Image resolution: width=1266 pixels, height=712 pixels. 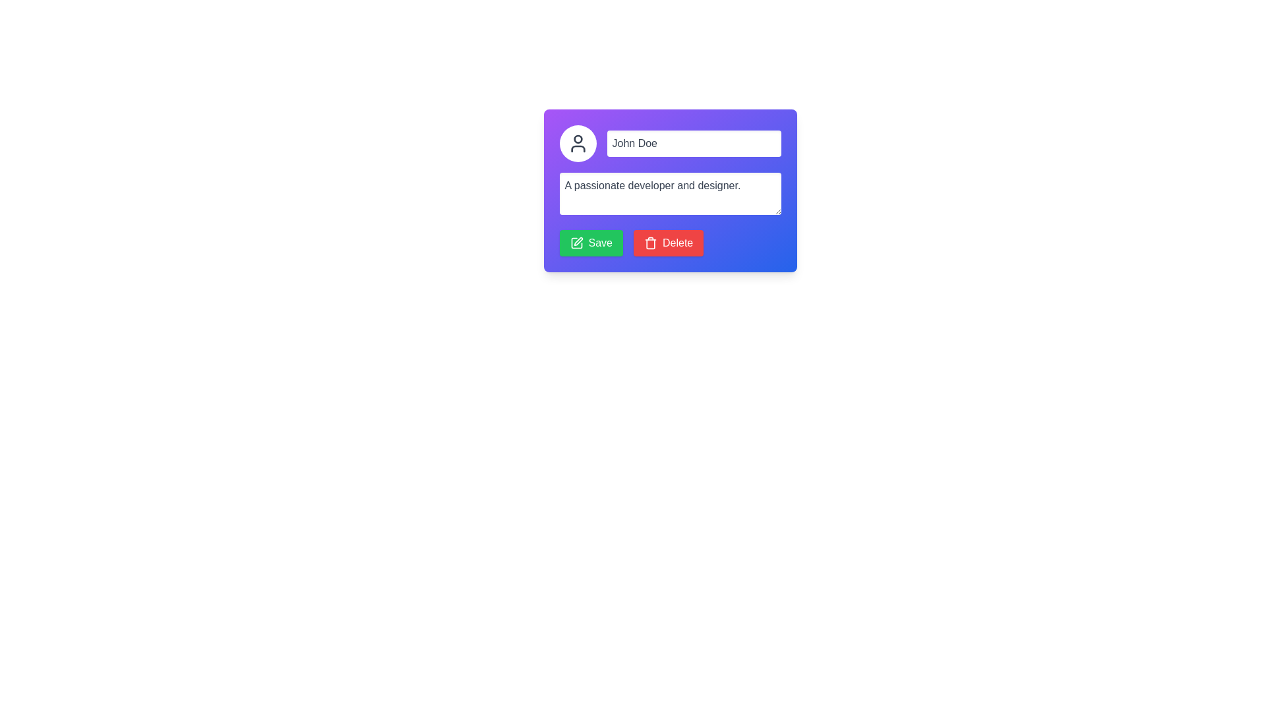 What do you see at coordinates (670, 191) in the screenshot?
I see `the multi-line text input box that contains the text 'A passionate developer and designer.' to invoke context menu options` at bounding box center [670, 191].